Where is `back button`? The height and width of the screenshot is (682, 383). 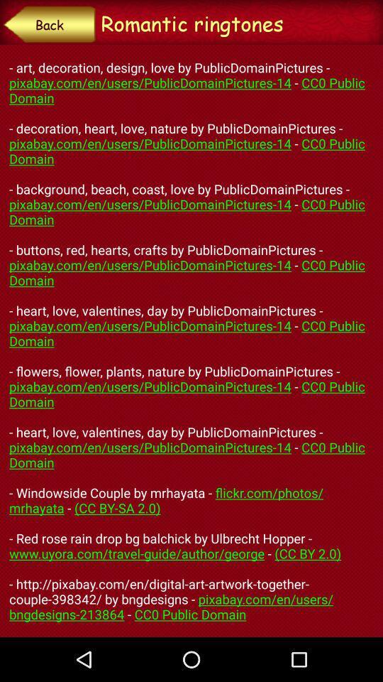 back button is located at coordinates (48, 23).